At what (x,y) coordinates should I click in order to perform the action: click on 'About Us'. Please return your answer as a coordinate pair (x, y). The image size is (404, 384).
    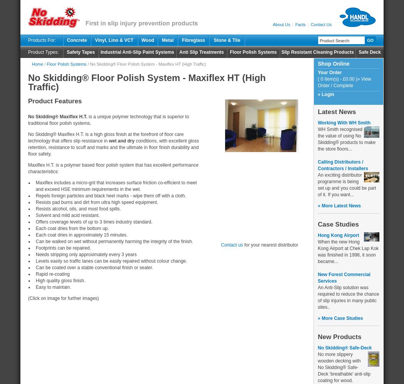
    Looking at the image, I should click on (272, 24).